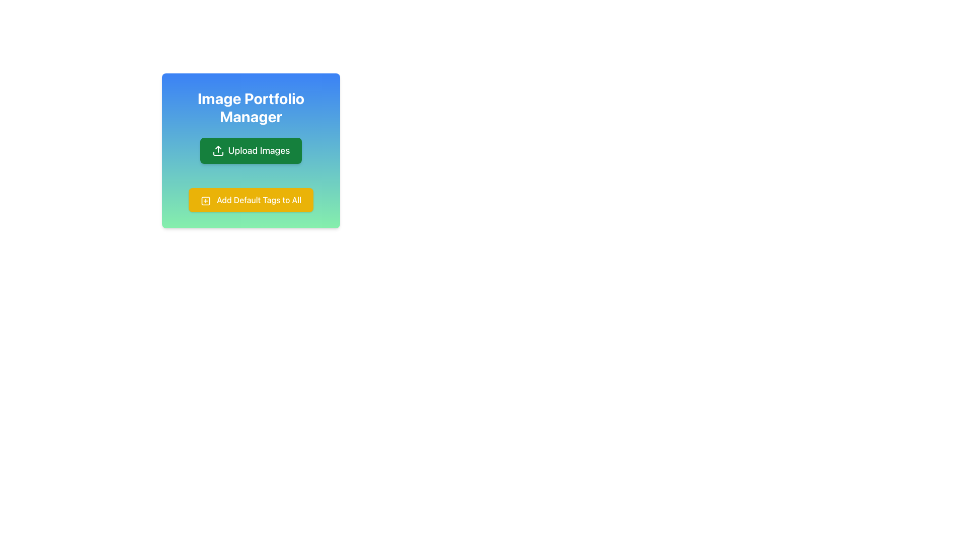  Describe the element at coordinates (205, 201) in the screenshot. I see `the outer square of the plus-square icon that precedes the text 'Add Default Tags to All'` at that location.